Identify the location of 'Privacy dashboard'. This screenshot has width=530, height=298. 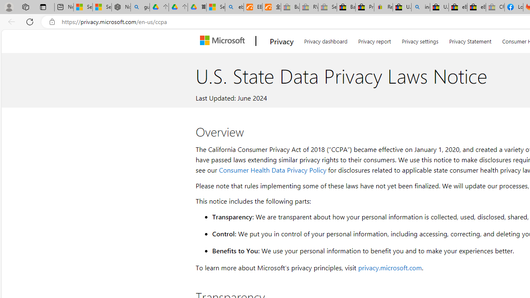
(325, 40).